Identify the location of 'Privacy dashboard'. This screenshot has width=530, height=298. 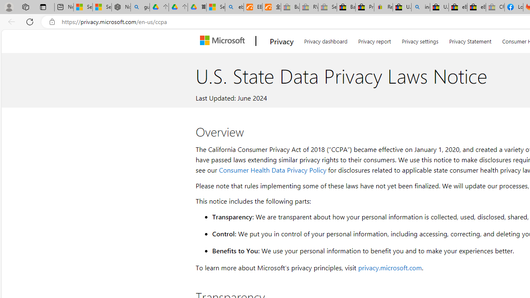
(325, 40).